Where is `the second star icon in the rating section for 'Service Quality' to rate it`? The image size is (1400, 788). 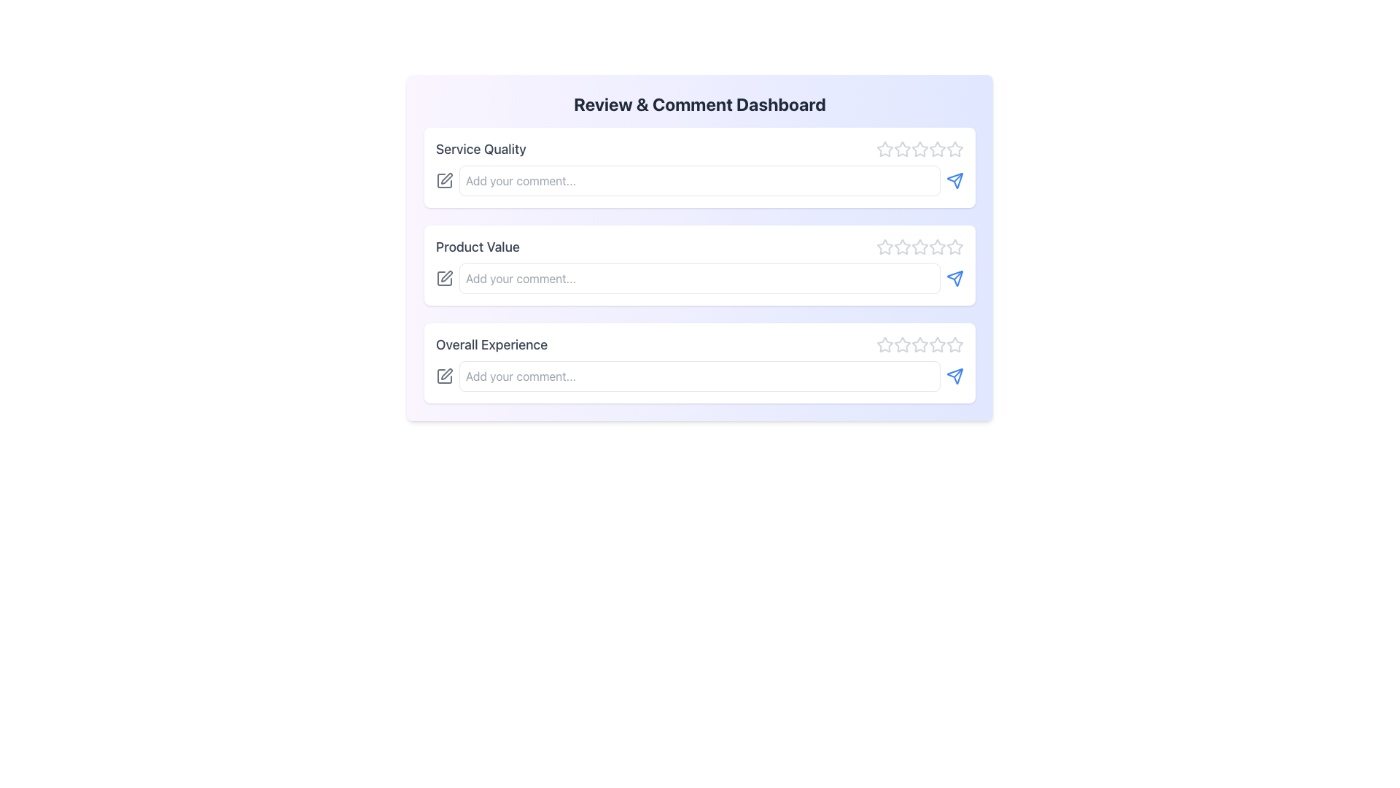
the second star icon in the rating section for 'Service Quality' to rate it is located at coordinates (901, 149).